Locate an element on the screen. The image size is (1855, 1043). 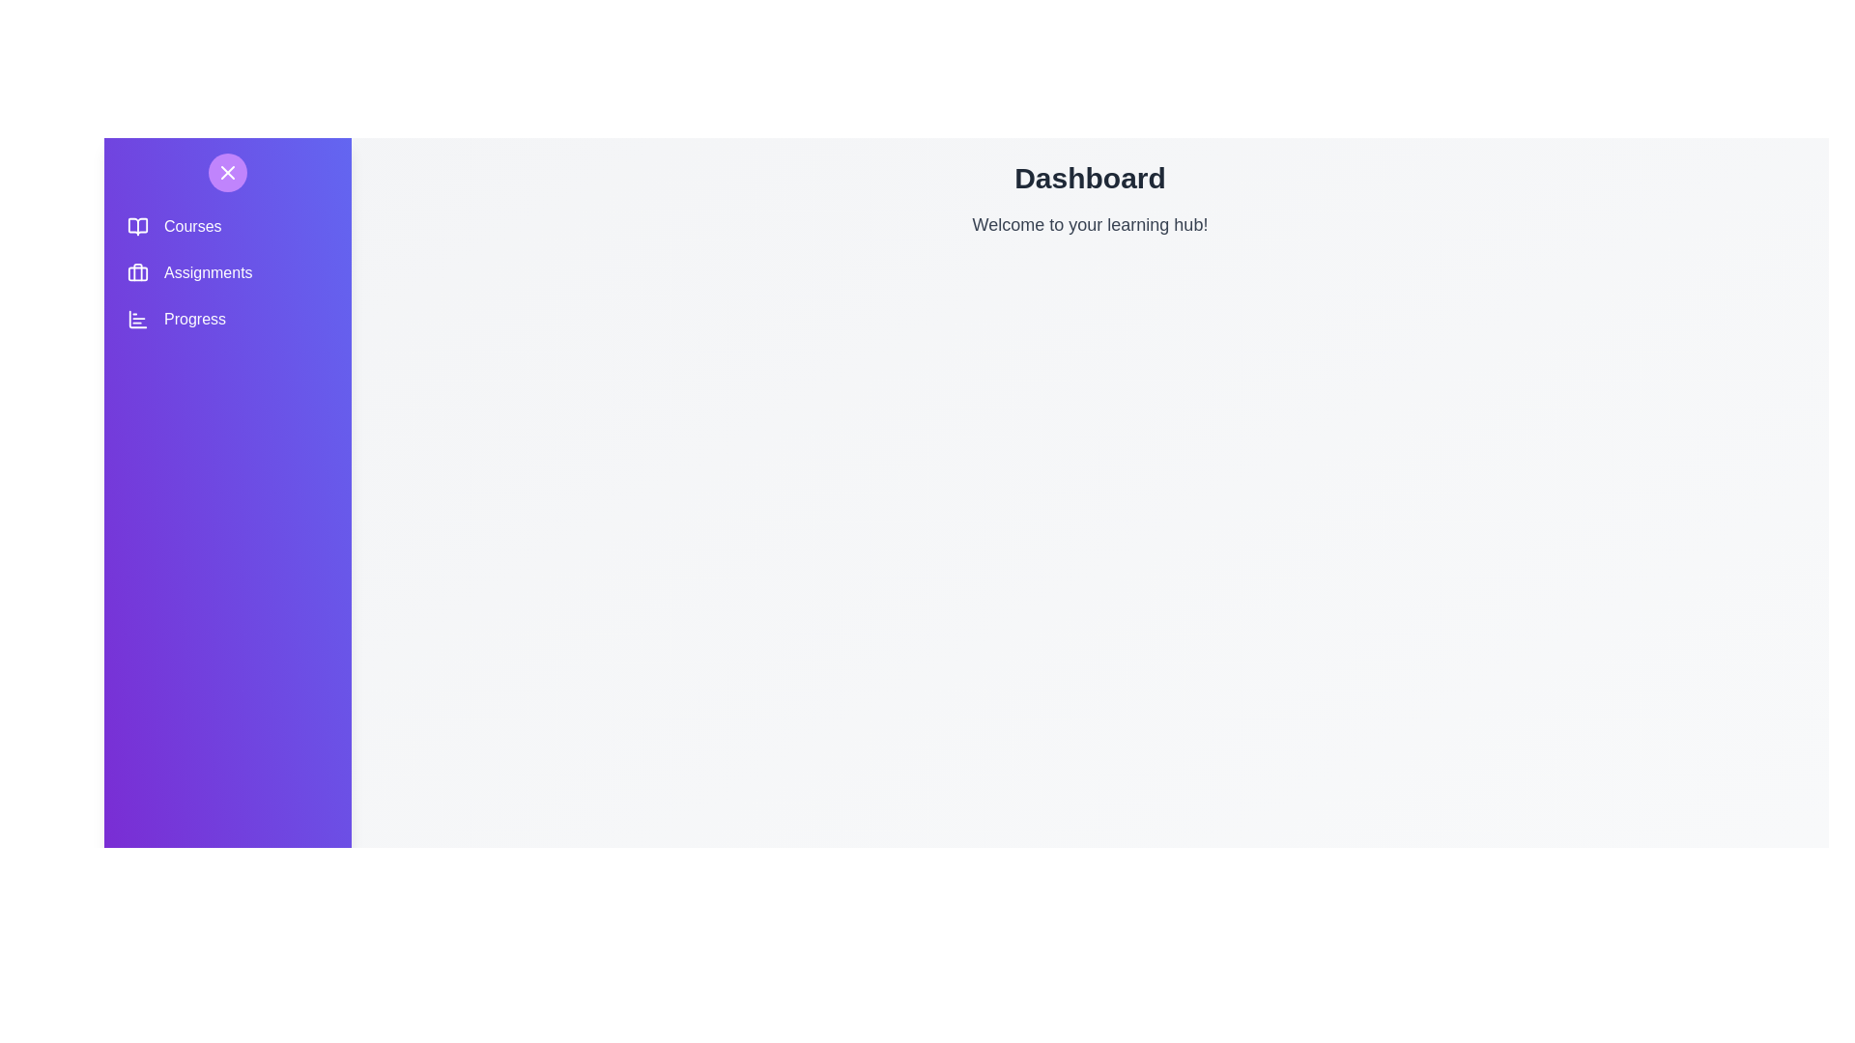
the navigation option Courses to navigate to the corresponding section is located at coordinates (227, 226).